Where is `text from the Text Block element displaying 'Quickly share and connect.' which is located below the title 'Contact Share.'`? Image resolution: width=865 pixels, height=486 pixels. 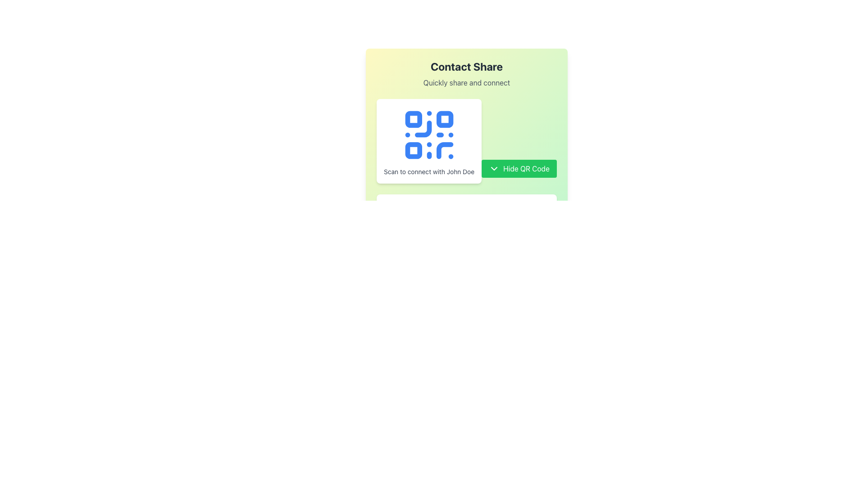
text from the Text Block element displaying 'Quickly share and connect.' which is located below the title 'Contact Share.' is located at coordinates (467, 83).